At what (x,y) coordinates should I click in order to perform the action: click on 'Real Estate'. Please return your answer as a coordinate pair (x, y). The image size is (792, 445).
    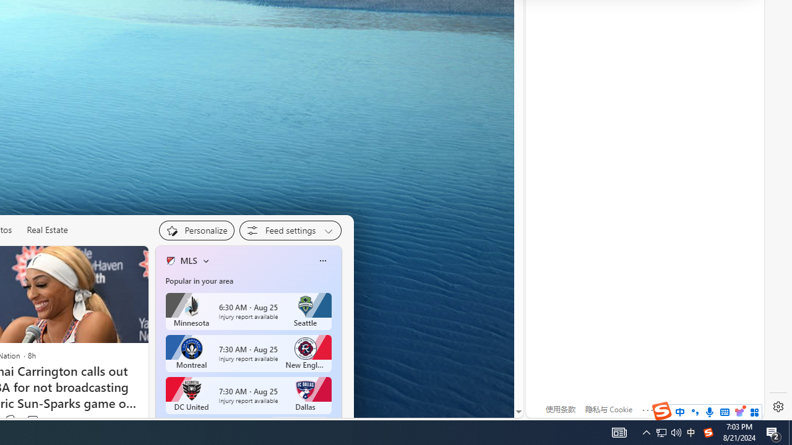
    Looking at the image, I should click on (47, 229).